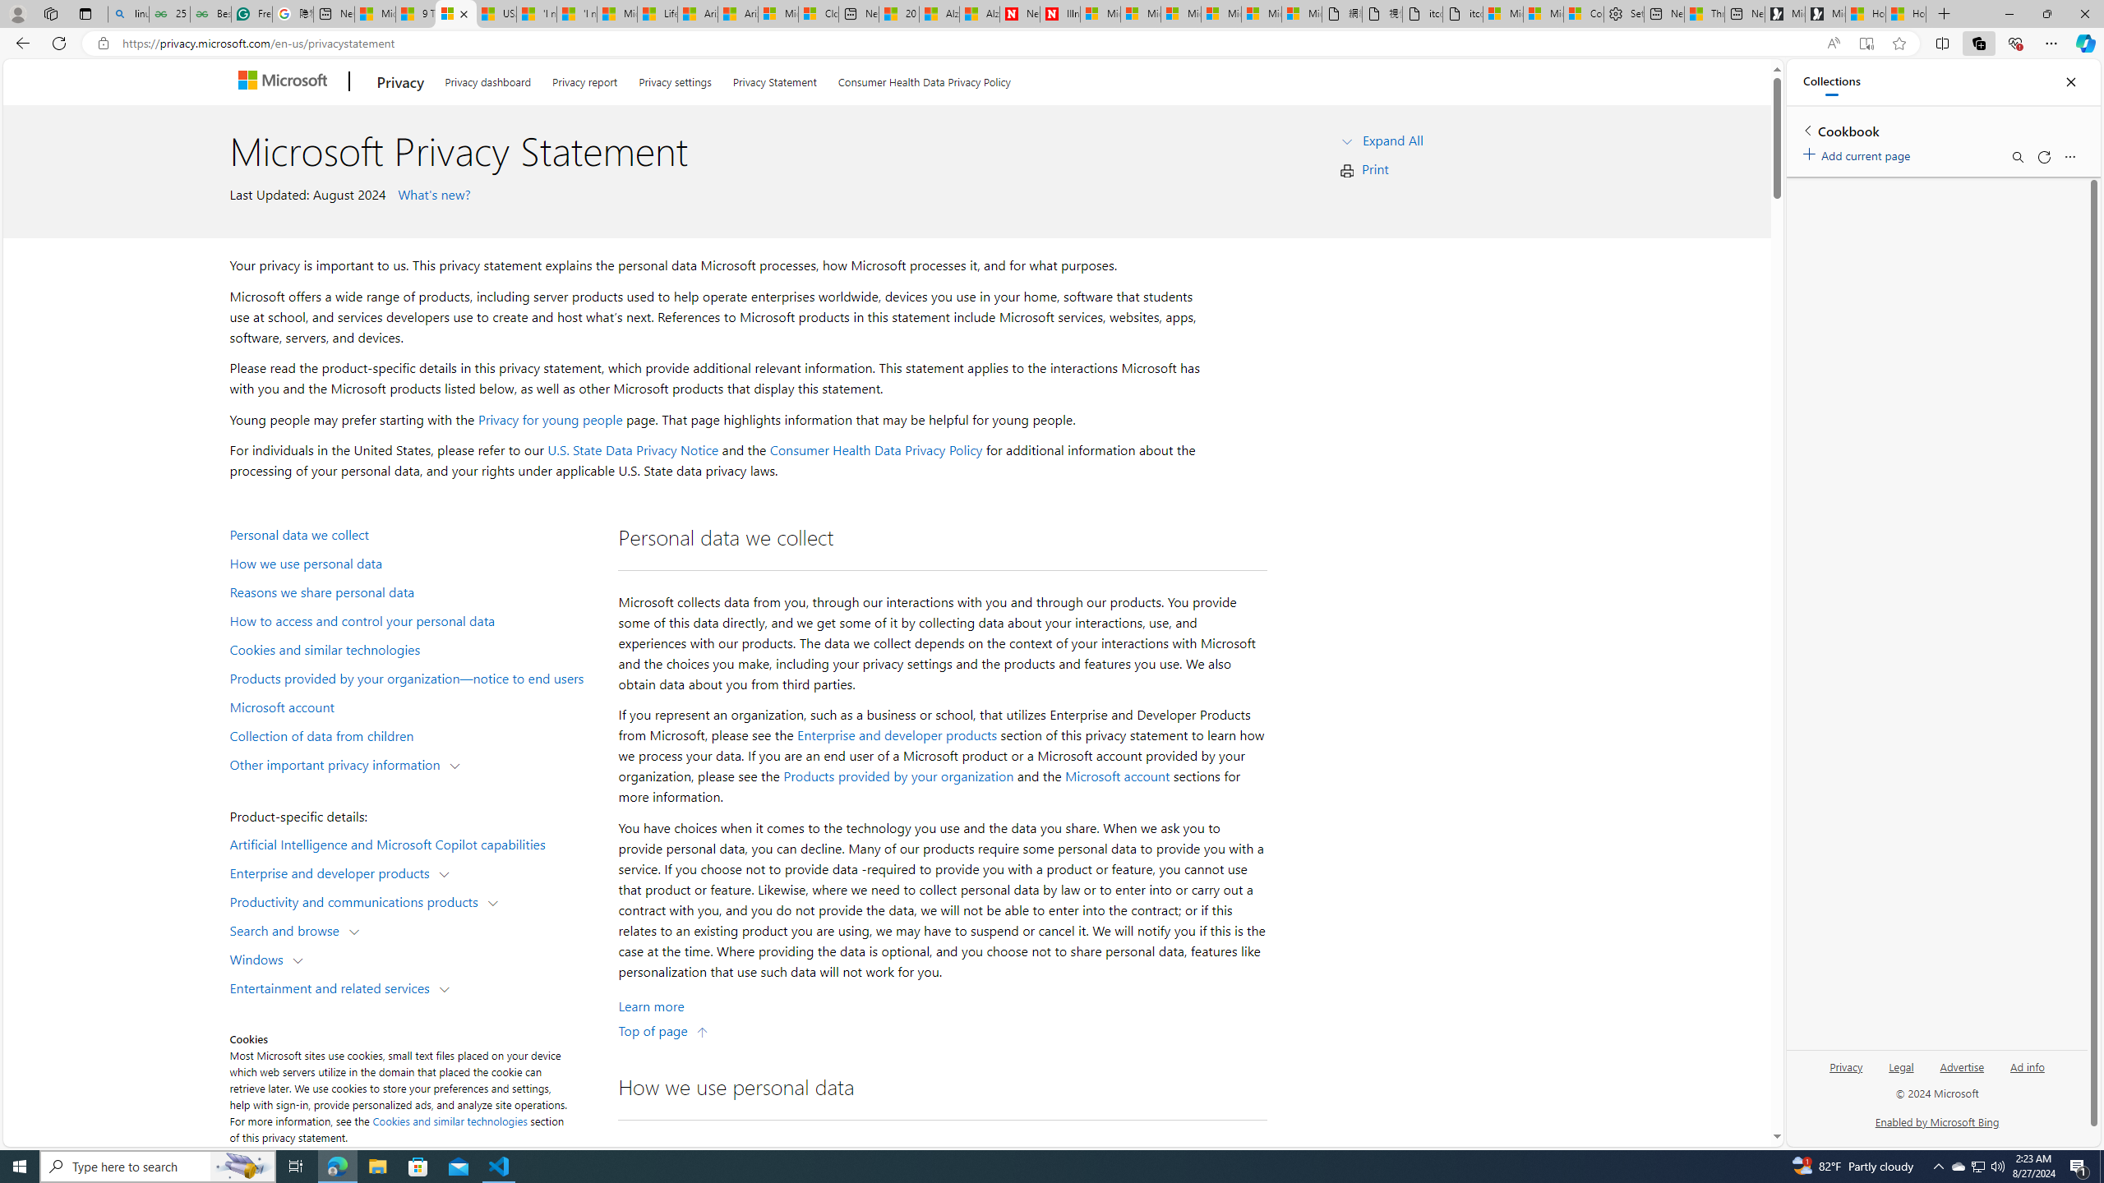  What do you see at coordinates (1116, 776) in the screenshot?
I see `'Microsoft account'` at bounding box center [1116, 776].